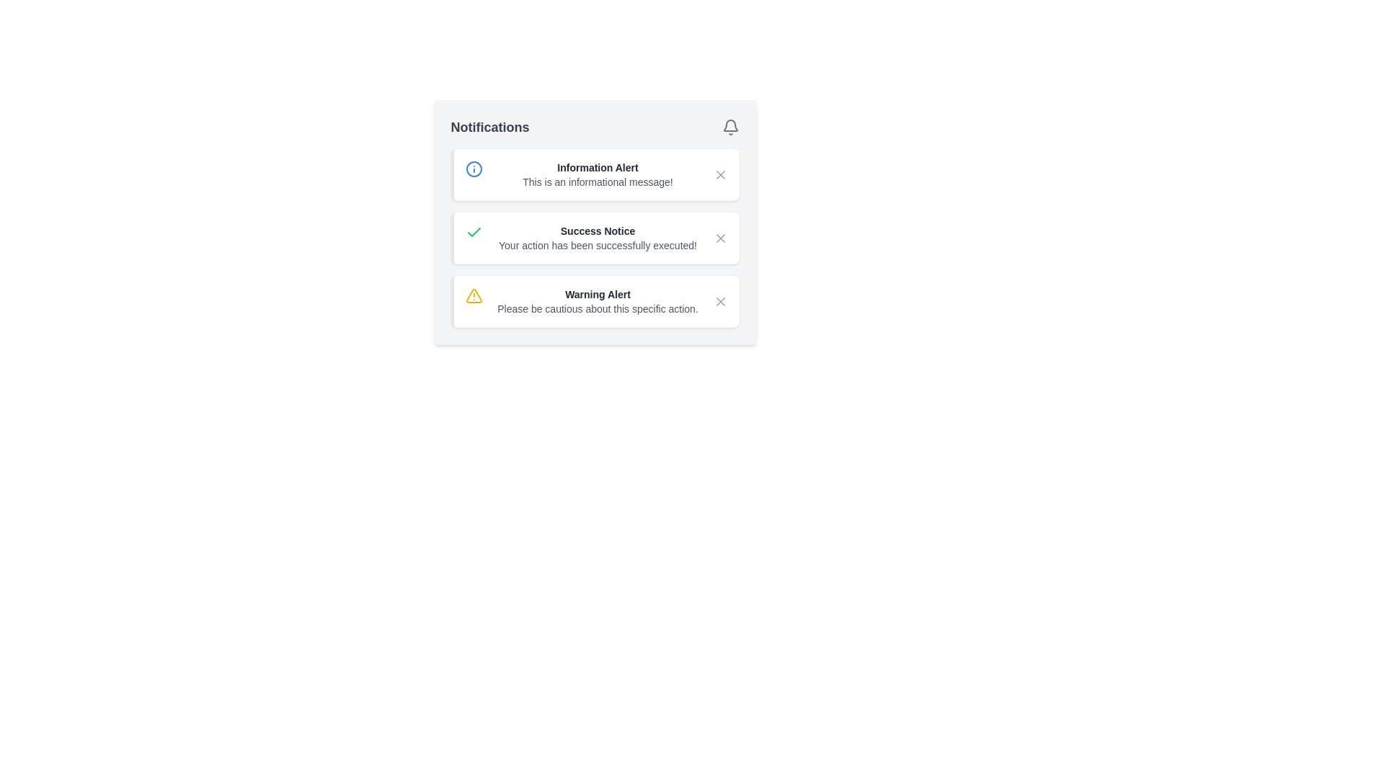  I want to click on the information alert symbol located, so click(474, 169).